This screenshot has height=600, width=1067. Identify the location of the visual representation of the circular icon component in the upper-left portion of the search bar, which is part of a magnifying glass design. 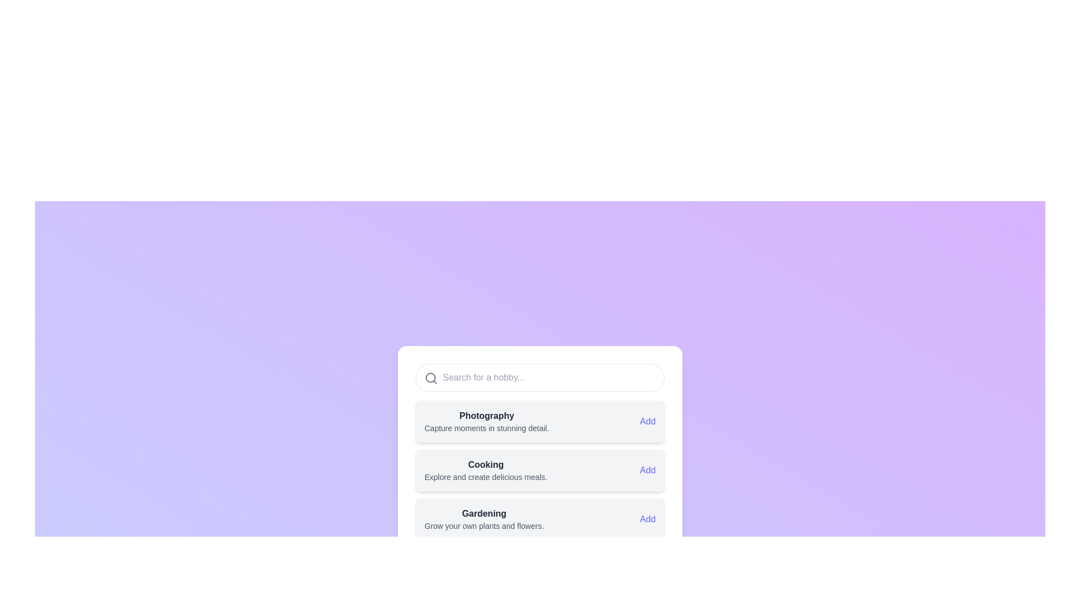
(430, 377).